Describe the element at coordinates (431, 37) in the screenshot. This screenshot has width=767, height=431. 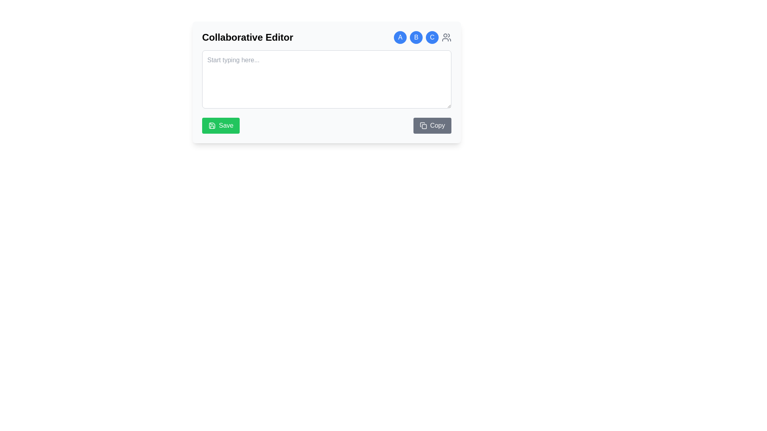
I see `the static label or badge representing the letter 'C', which is the third circular icon in a row of icons labeled 'A', 'B', and 'C', located in the top-right corner of the editor section` at that location.